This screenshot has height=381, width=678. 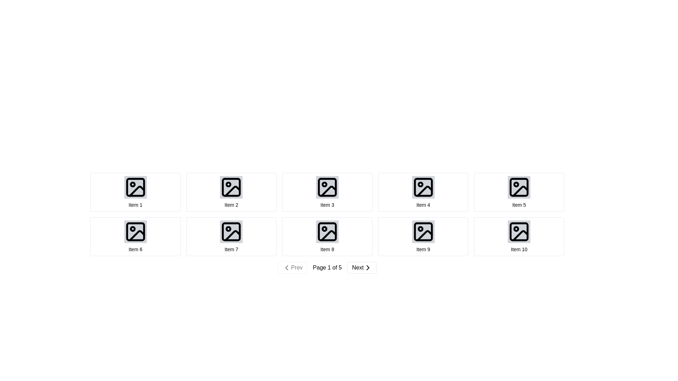 What do you see at coordinates (420, 229) in the screenshot?
I see `the Circular graphic element representing the sun, located at the top-left corner of the ninth icon in the grid layout` at bounding box center [420, 229].